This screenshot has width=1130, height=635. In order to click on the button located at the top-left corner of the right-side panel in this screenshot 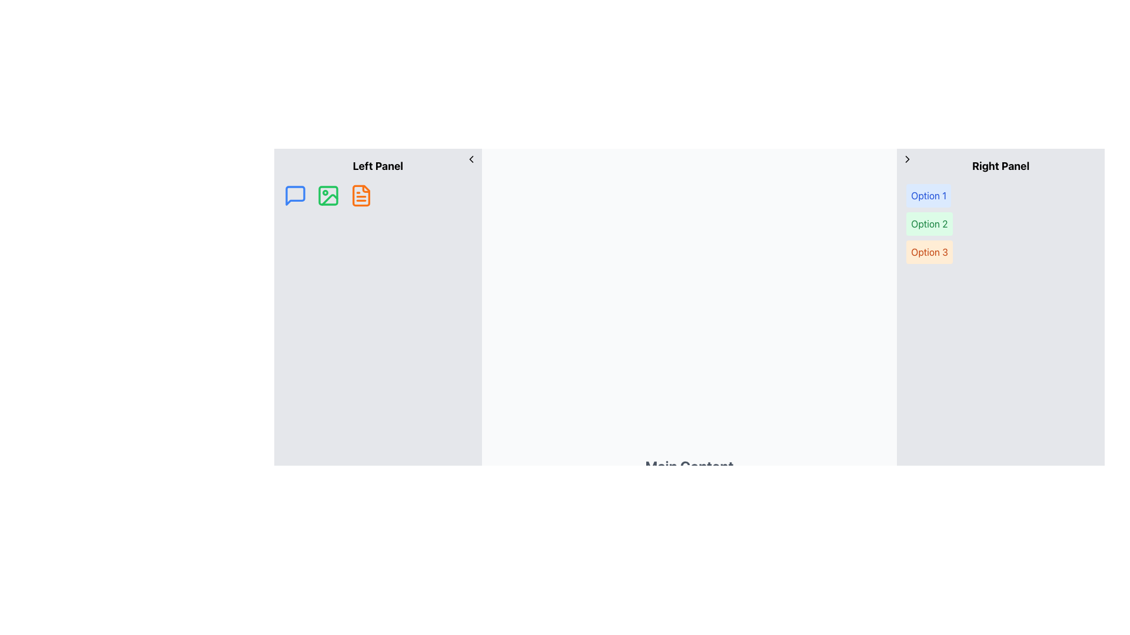, I will do `click(907, 159)`.